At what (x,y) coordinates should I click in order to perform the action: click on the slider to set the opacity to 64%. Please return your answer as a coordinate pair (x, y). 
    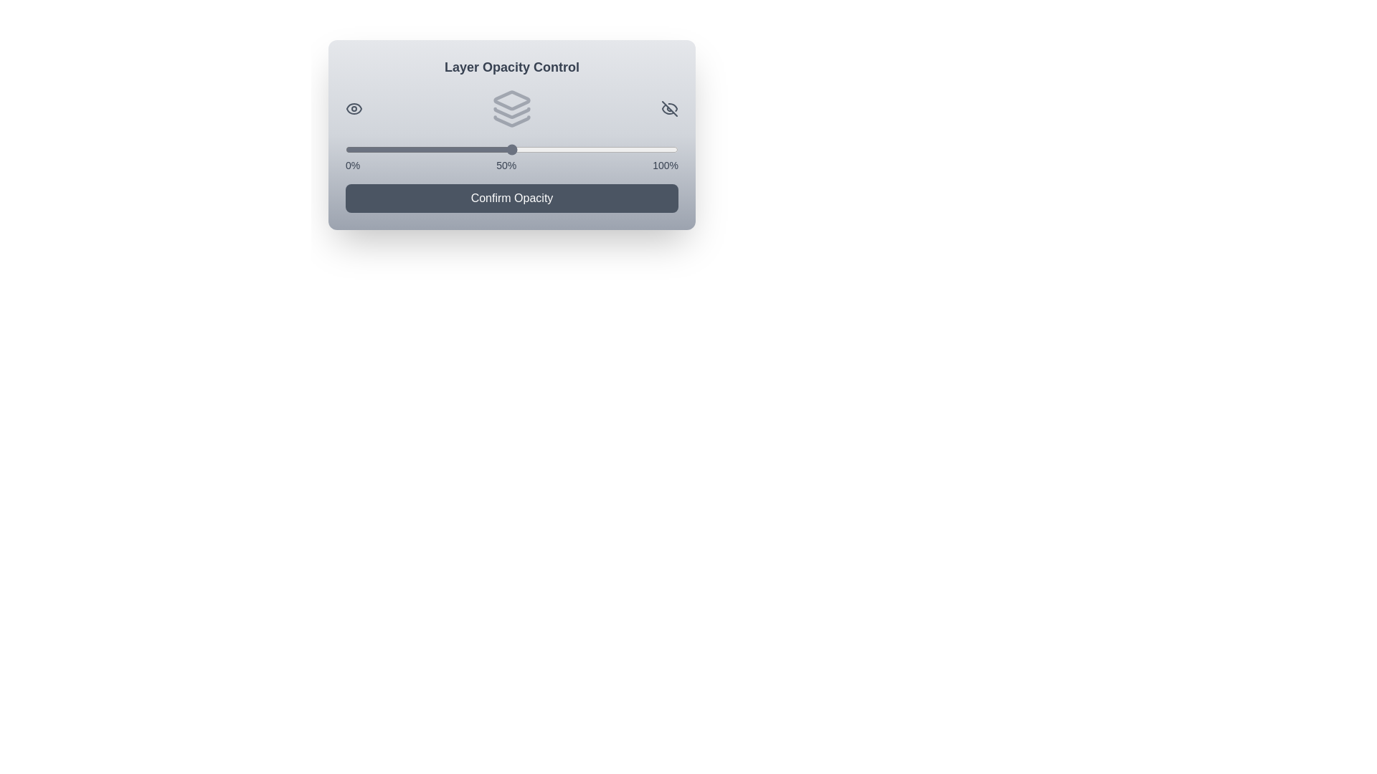
    Looking at the image, I should click on (557, 149).